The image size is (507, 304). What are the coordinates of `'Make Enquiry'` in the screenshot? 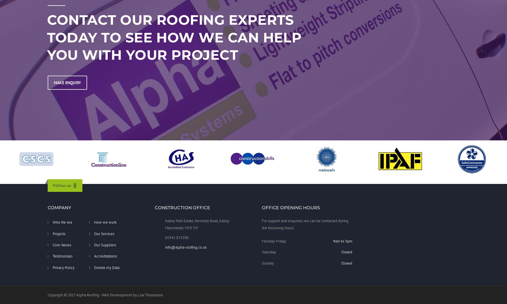 It's located at (67, 82).